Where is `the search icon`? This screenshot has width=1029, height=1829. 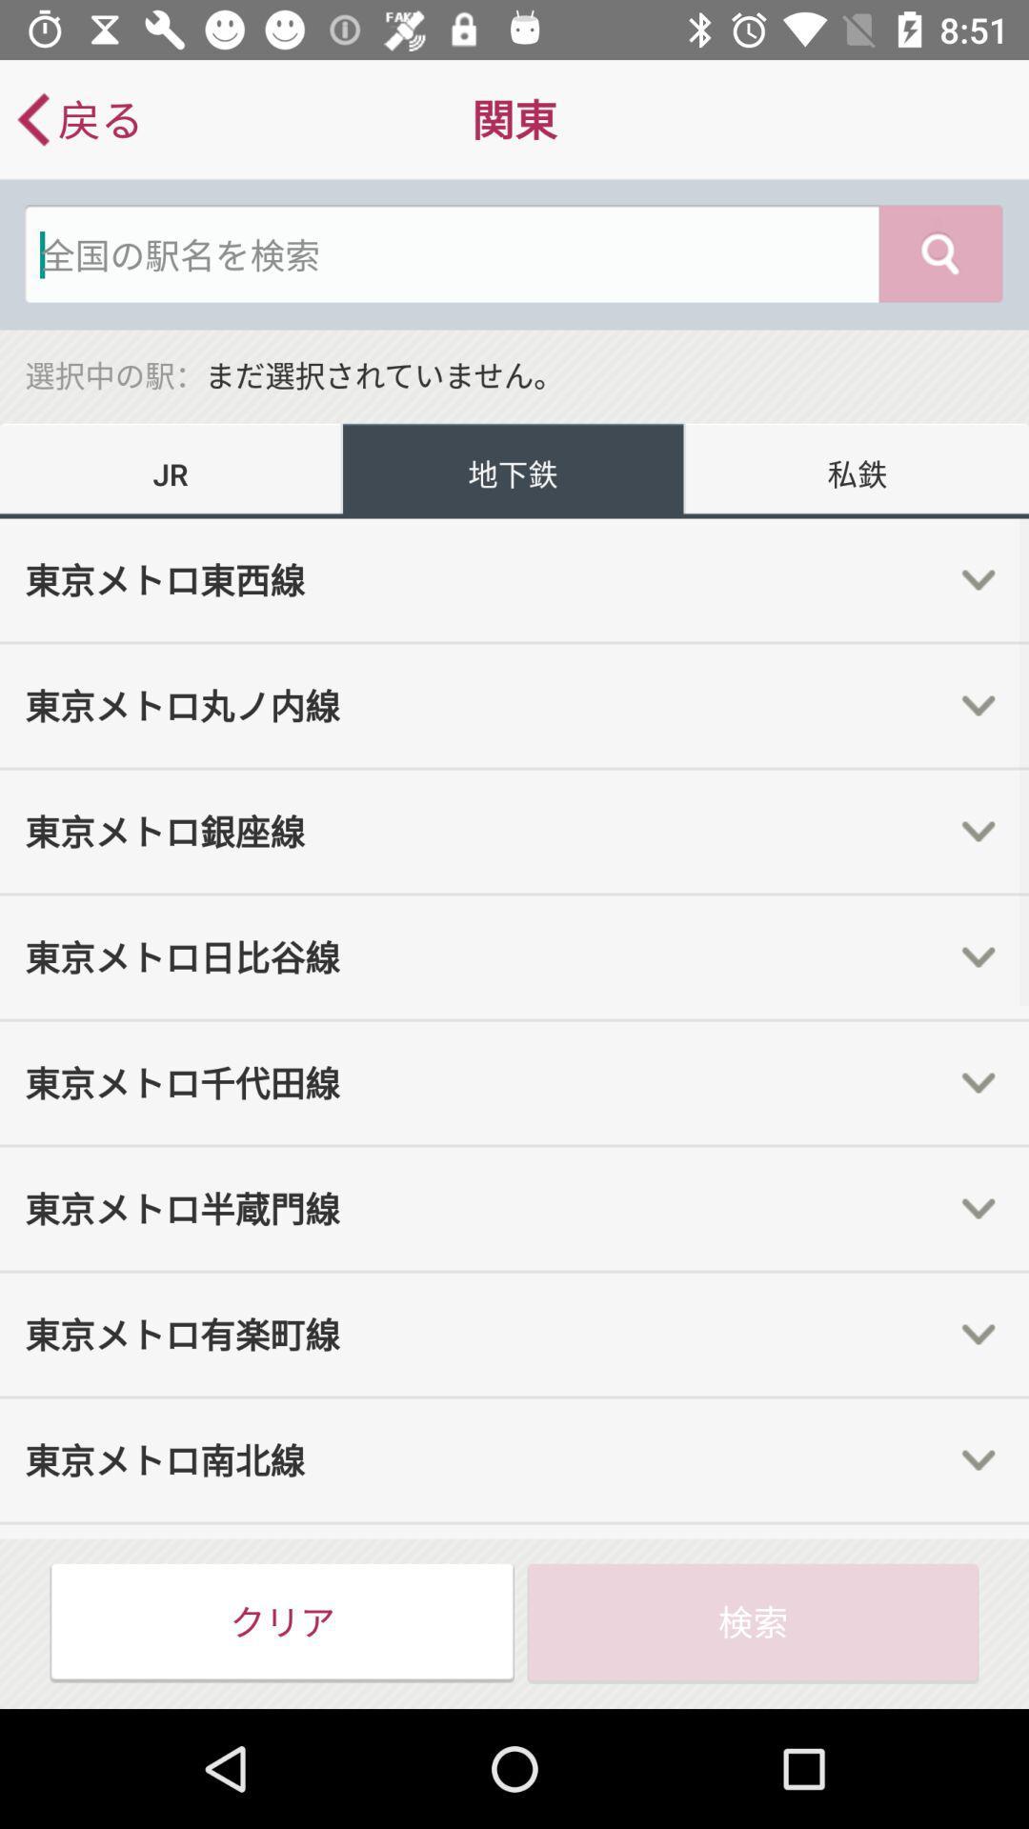
the search icon is located at coordinates (940, 253).